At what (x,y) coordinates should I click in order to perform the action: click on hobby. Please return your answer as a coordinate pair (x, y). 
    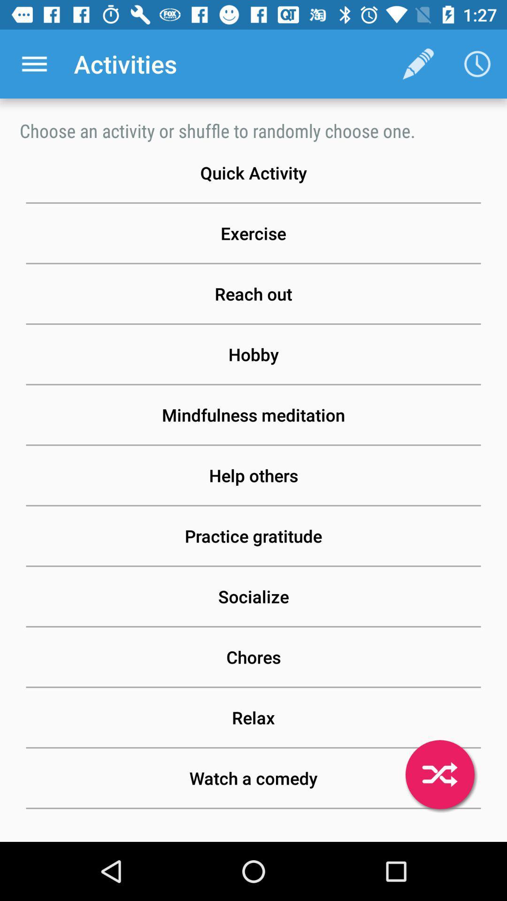
    Looking at the image, I should click on (253, 354).